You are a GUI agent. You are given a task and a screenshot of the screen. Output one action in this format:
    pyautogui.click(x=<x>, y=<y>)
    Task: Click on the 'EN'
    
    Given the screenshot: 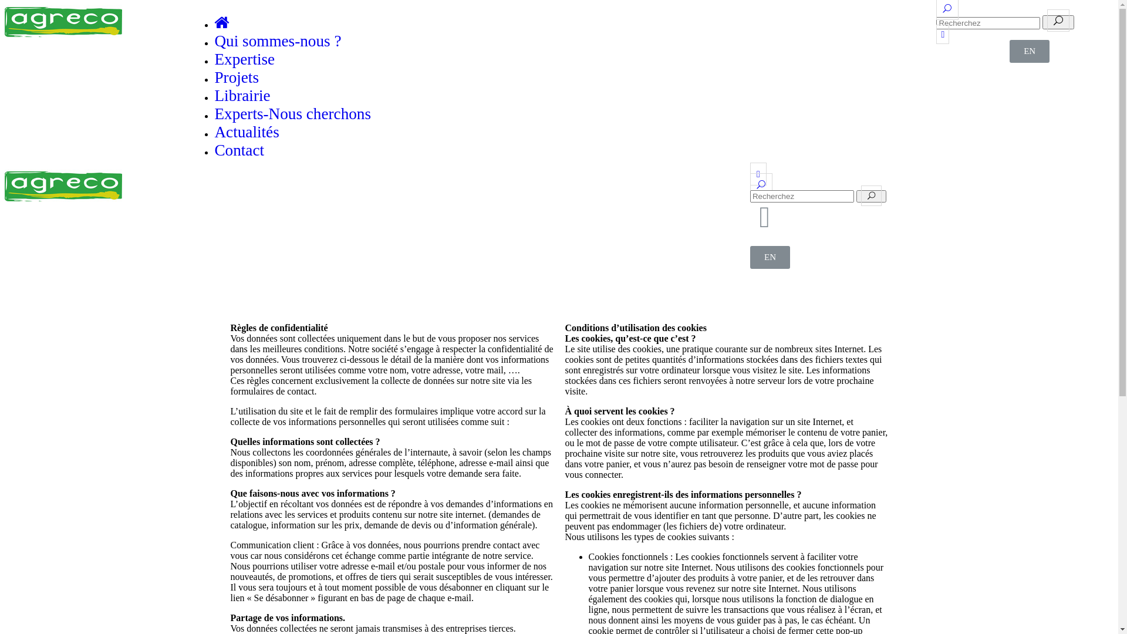 What is the action you would take?
    pyautogui.click(x=1028, y=50)
    